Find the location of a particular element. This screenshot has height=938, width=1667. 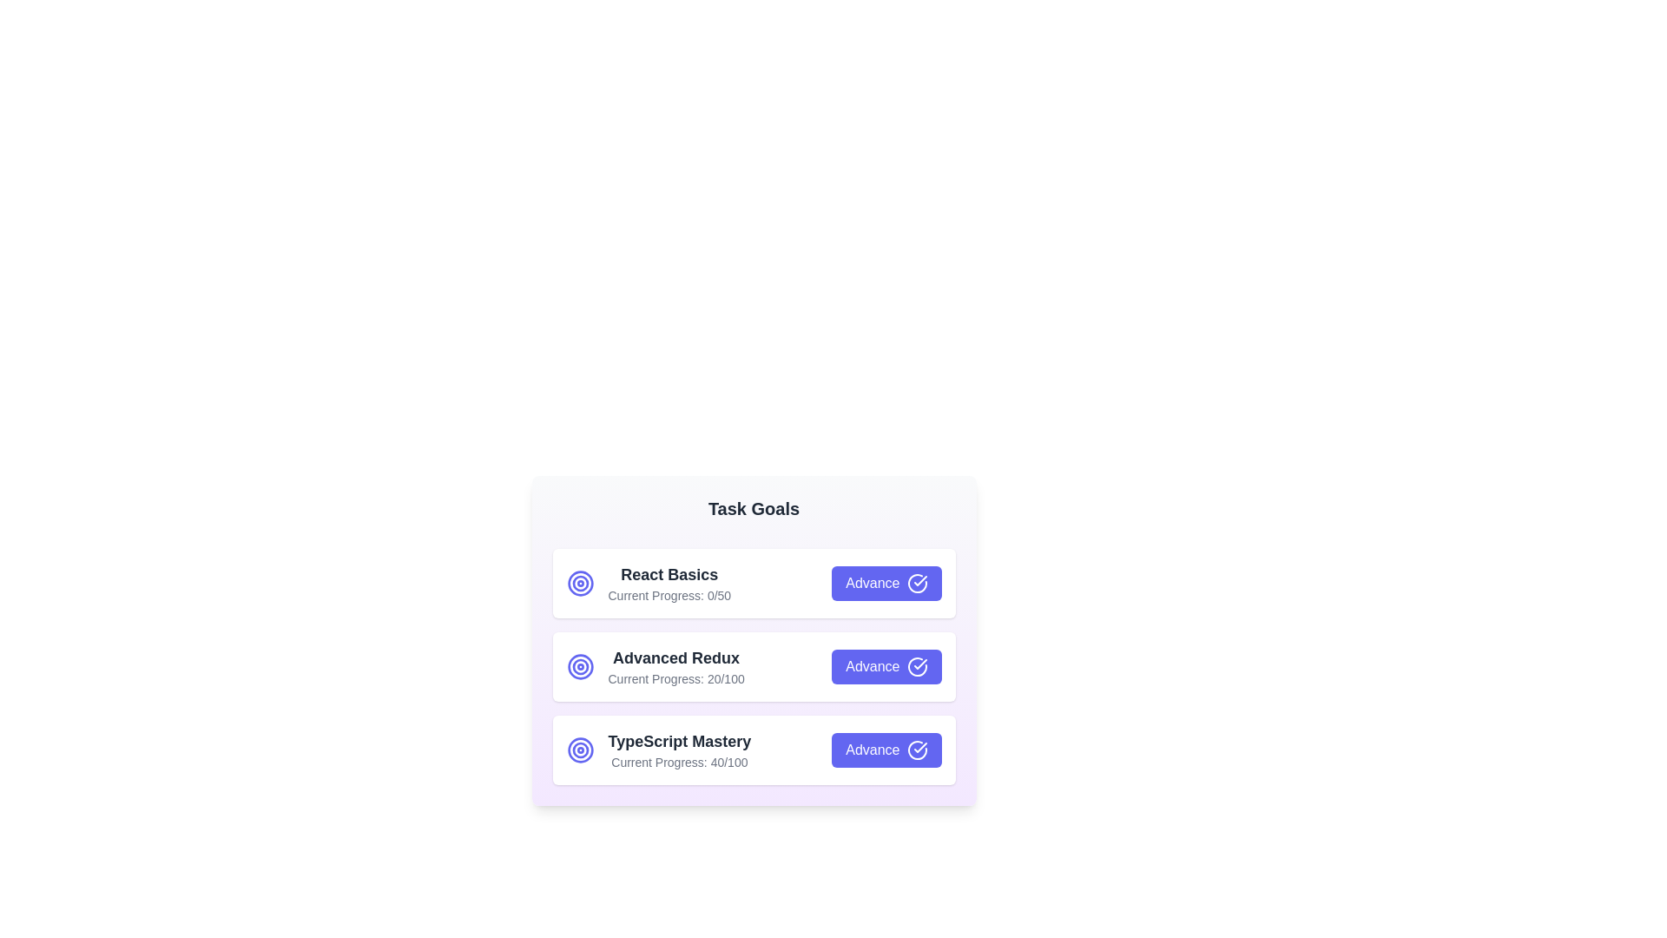

the informational text displaying 'Current Progress: 40/100', located under the main heading 'TypeScript Mastery' in the third card of the 'Task Goals' section is located at coordinates (678, 762).